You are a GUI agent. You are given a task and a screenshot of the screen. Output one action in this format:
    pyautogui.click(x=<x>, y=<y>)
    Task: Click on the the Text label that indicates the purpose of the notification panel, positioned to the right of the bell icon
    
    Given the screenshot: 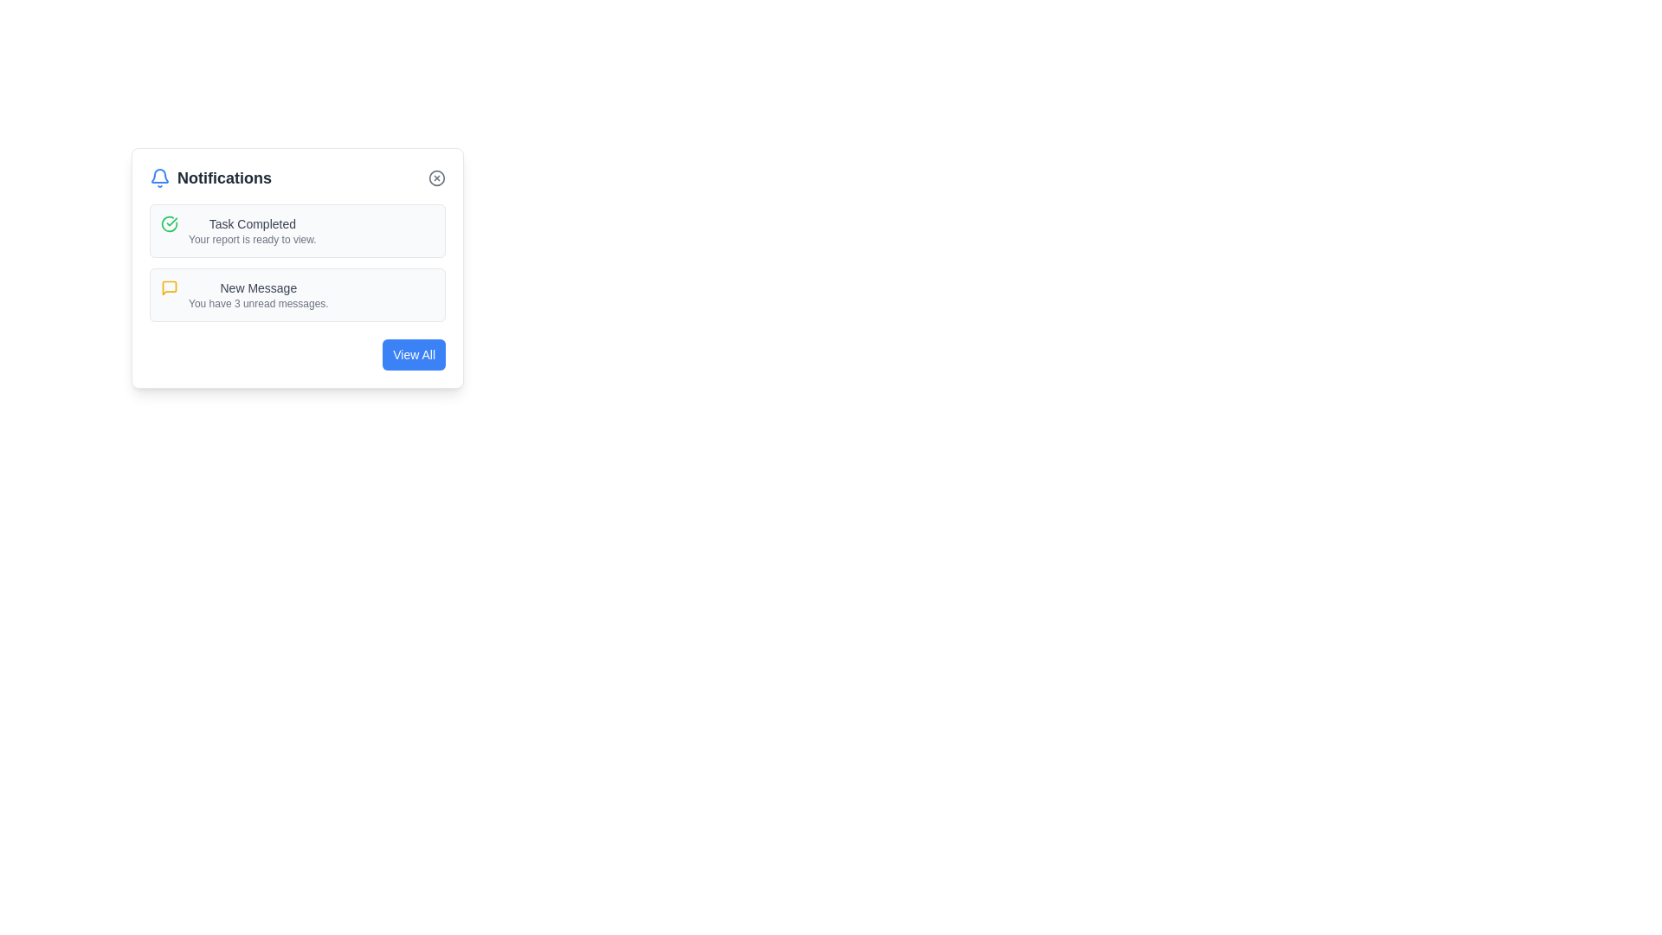 What is the action you would take?
    pyautogui.click(x=223, y=177)
    